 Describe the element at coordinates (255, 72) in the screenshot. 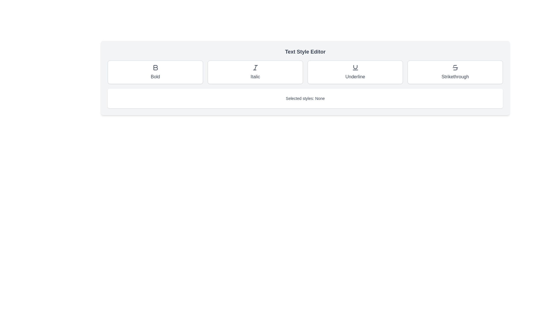

I see `the rectangular button labeled 'Italic' with an icon resembling an italicized 'I'` at that location.